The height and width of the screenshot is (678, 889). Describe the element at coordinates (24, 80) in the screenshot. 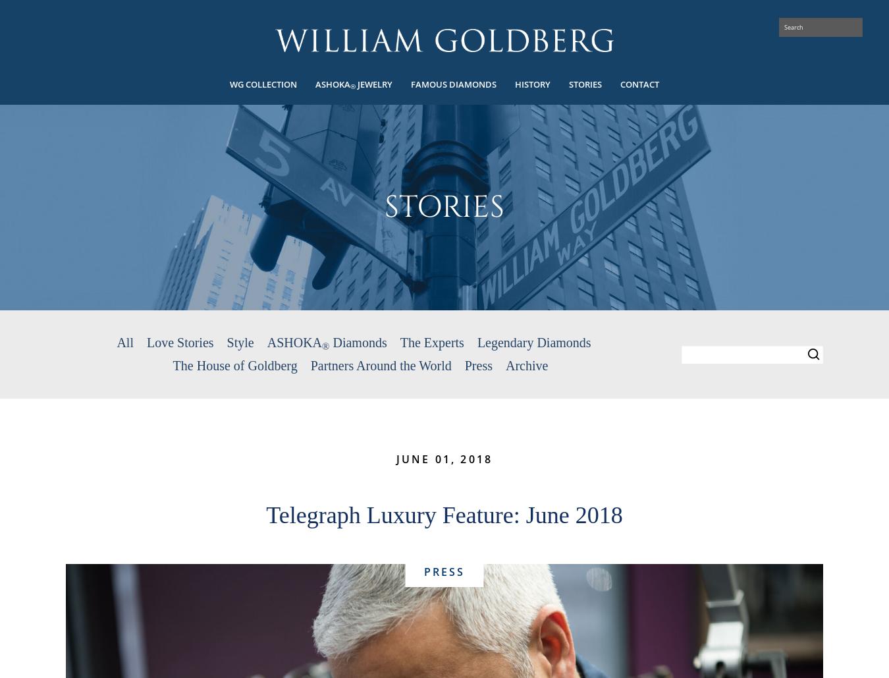

I see `'About'` at that location.